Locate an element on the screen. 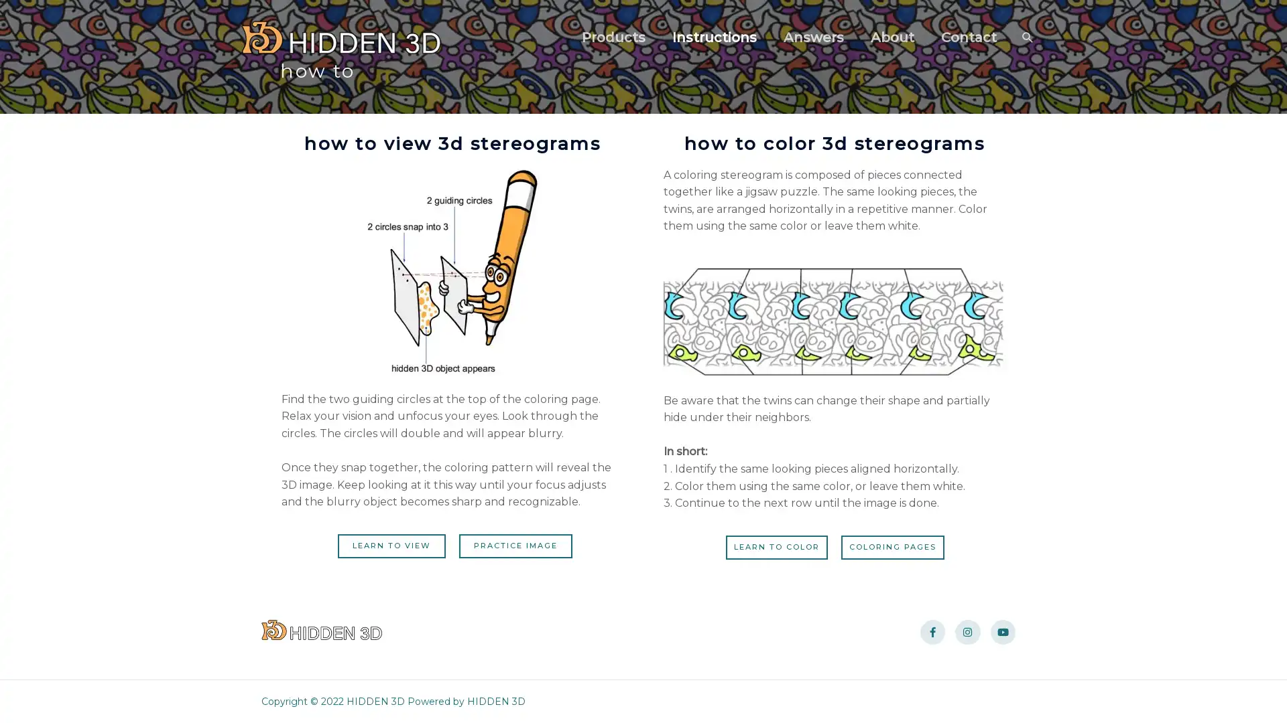 The width and height of the screenshot is (1287, 723). COLORING PAGES is located at coordinates (897, 547).